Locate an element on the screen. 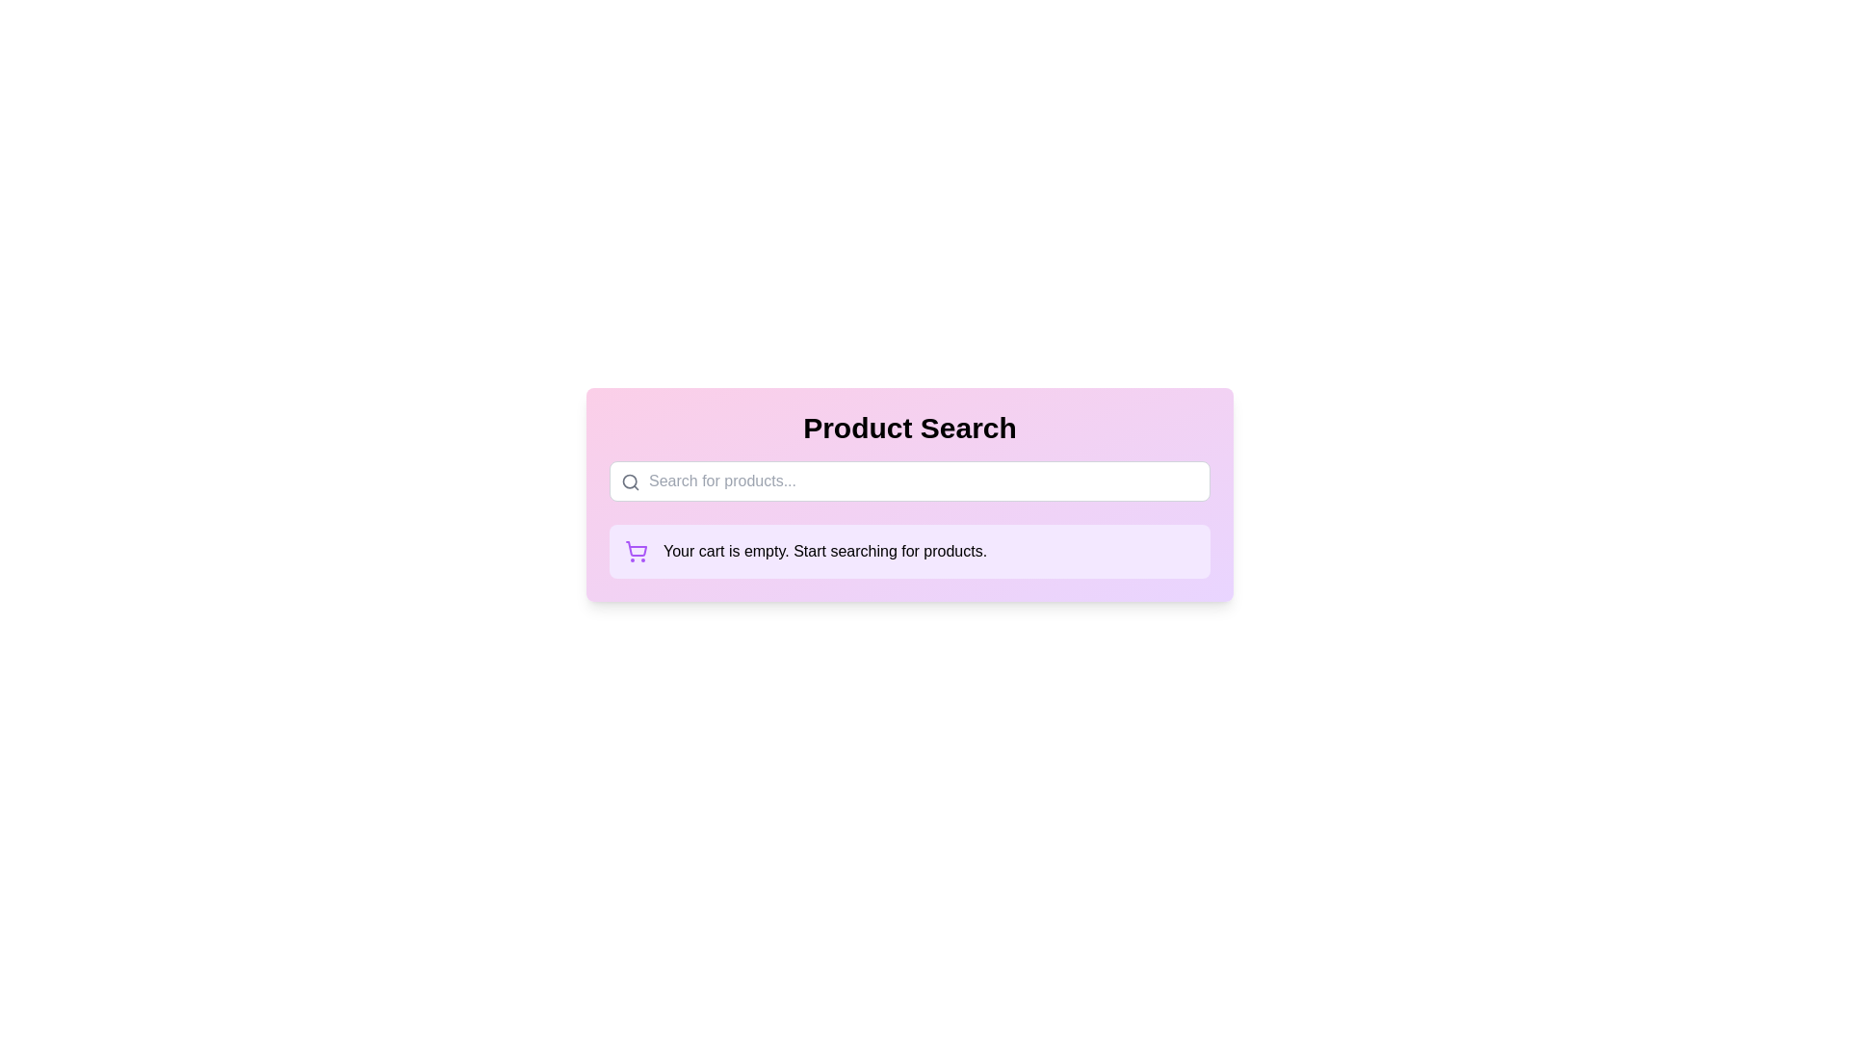 This screenshot has width=1849, height=1040. the Text Label that reads 'Your cart is empty. Start searching for products.' which is styled with a standard font and placed inside a purple-shaded rectangular background is located at coordinates (825, 552).